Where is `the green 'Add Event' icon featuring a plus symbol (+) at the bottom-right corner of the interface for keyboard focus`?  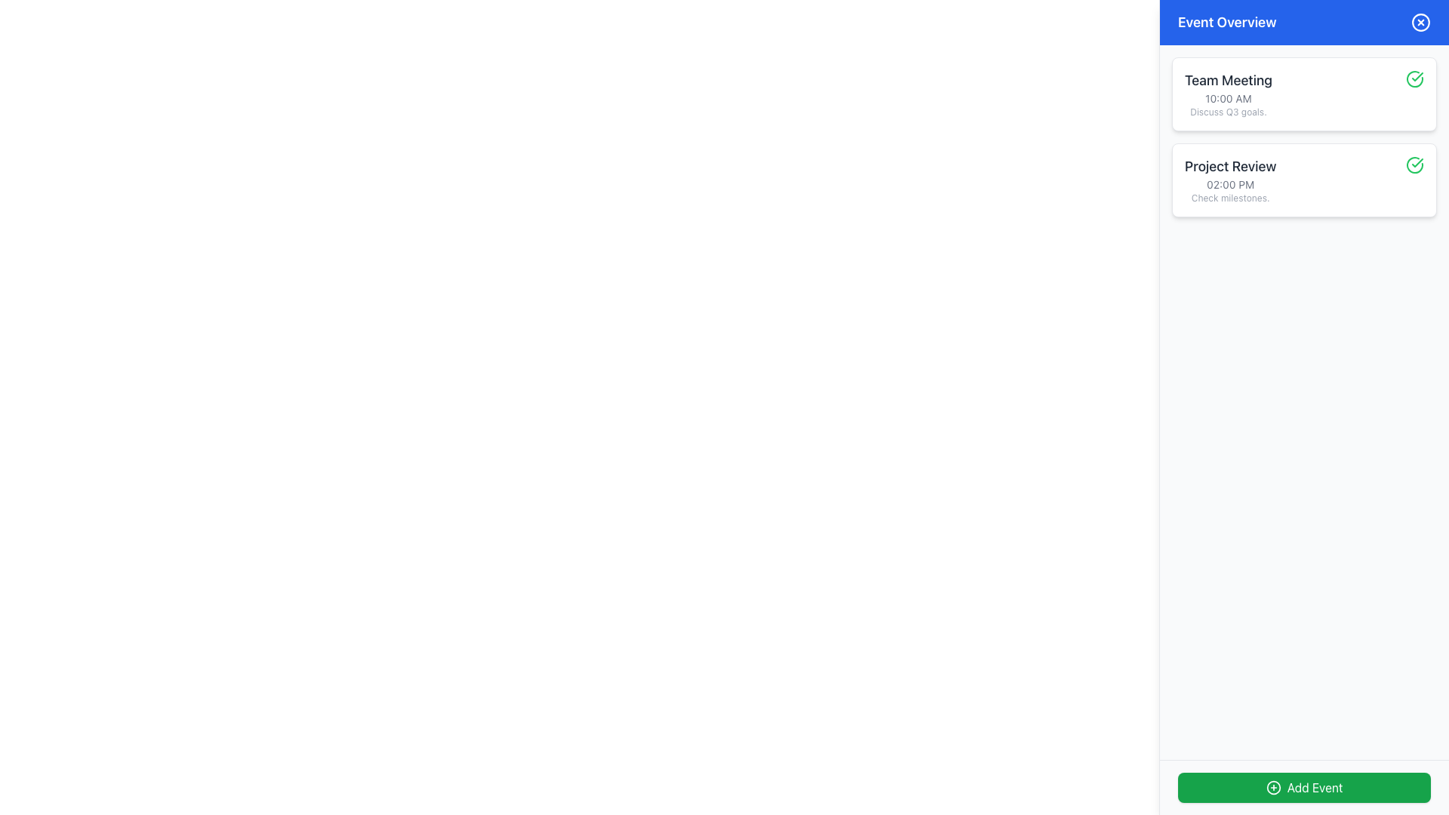
the green 'Add Event' icon featuring a plus symbol (+) at the bottom-right corner of the interface for keyboard focus is located at coordinates (1272, 787).